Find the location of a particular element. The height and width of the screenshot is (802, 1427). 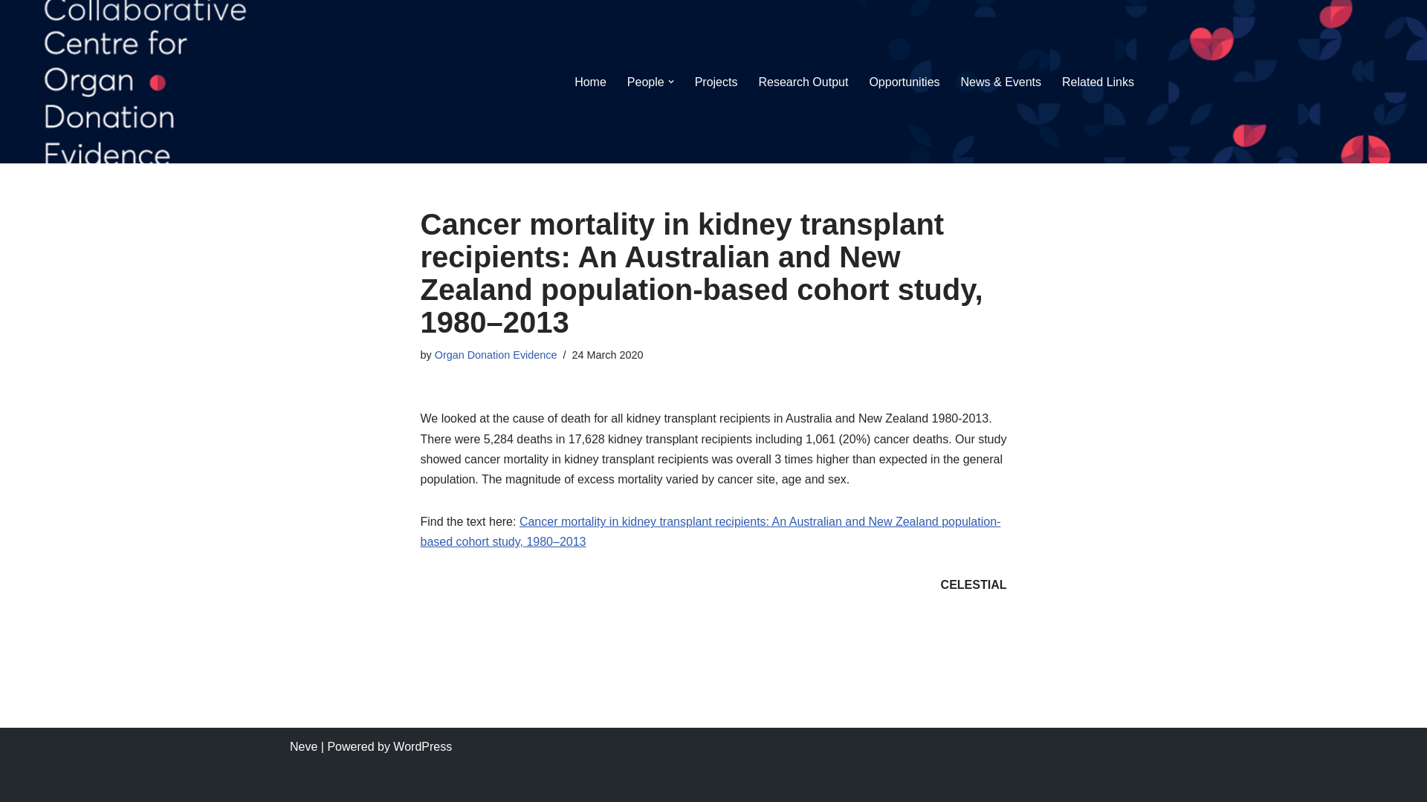

'WordPress' is located at coordinates (421, 746).